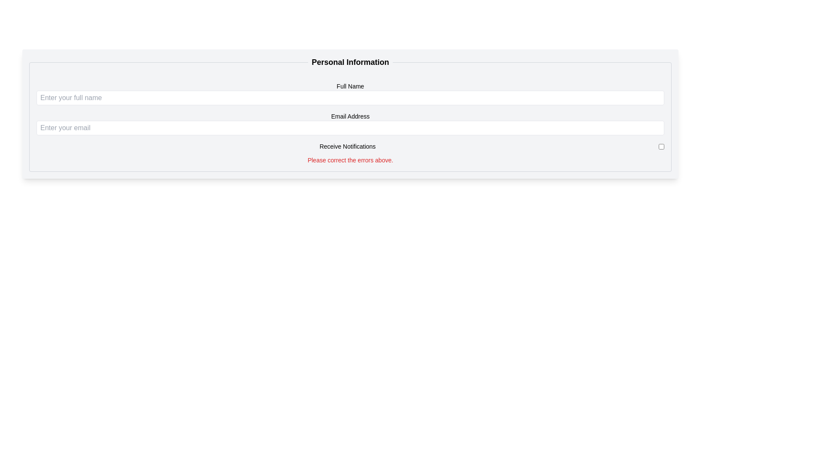 This screenshot has height=464, width=825. Describe the element at coordinates (661, 146) in the screenshot. I see `the checkbox for 'Receive Notifications'` at that location.